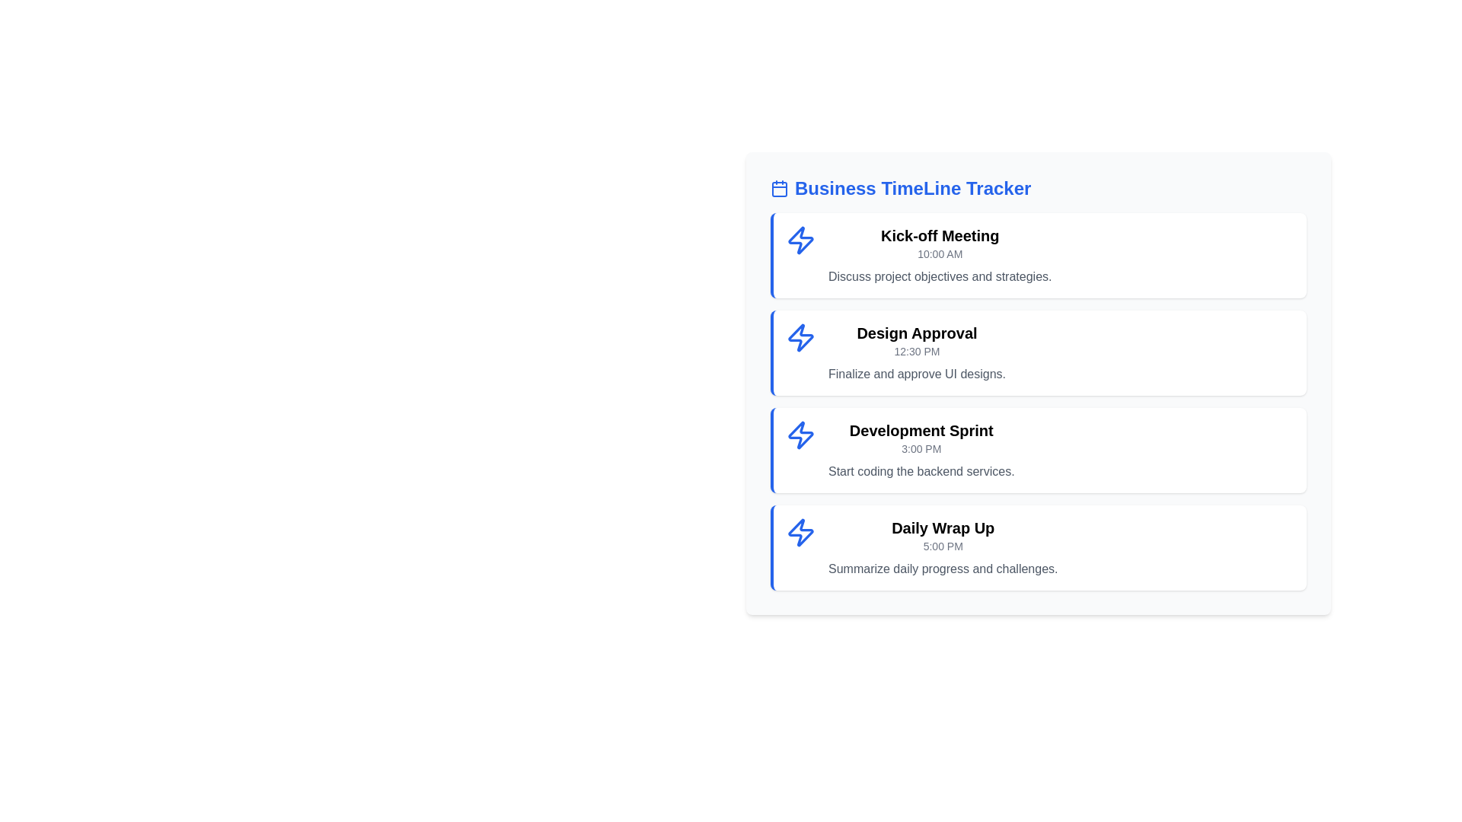  Describe the element at coordinates (942, 548) in the screenshot. I see `text block displaying details about a specific task in the timeline, located below the 'Development Sprint' entry` at that location.